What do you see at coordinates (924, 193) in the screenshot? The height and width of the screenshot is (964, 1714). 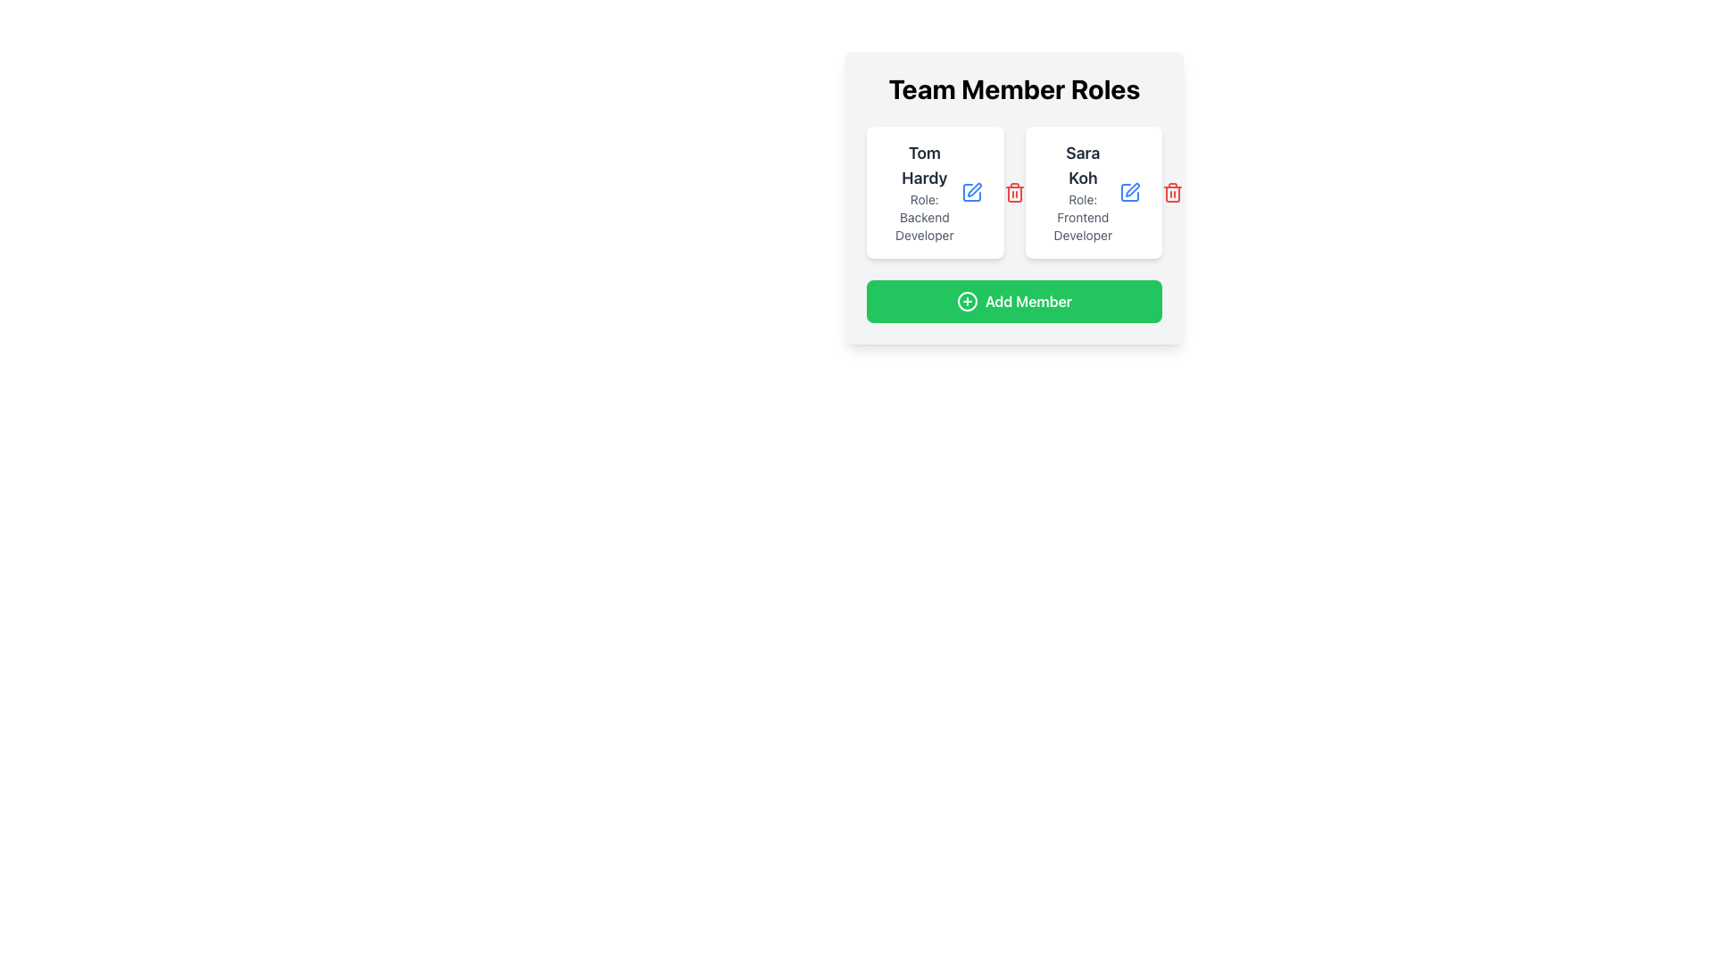 I see `the text component displaying the name 'Tom Hardy' and their role as a backend developer, located within the first card under the 'Team Member Roles' section` at bounding box center [924, 193].